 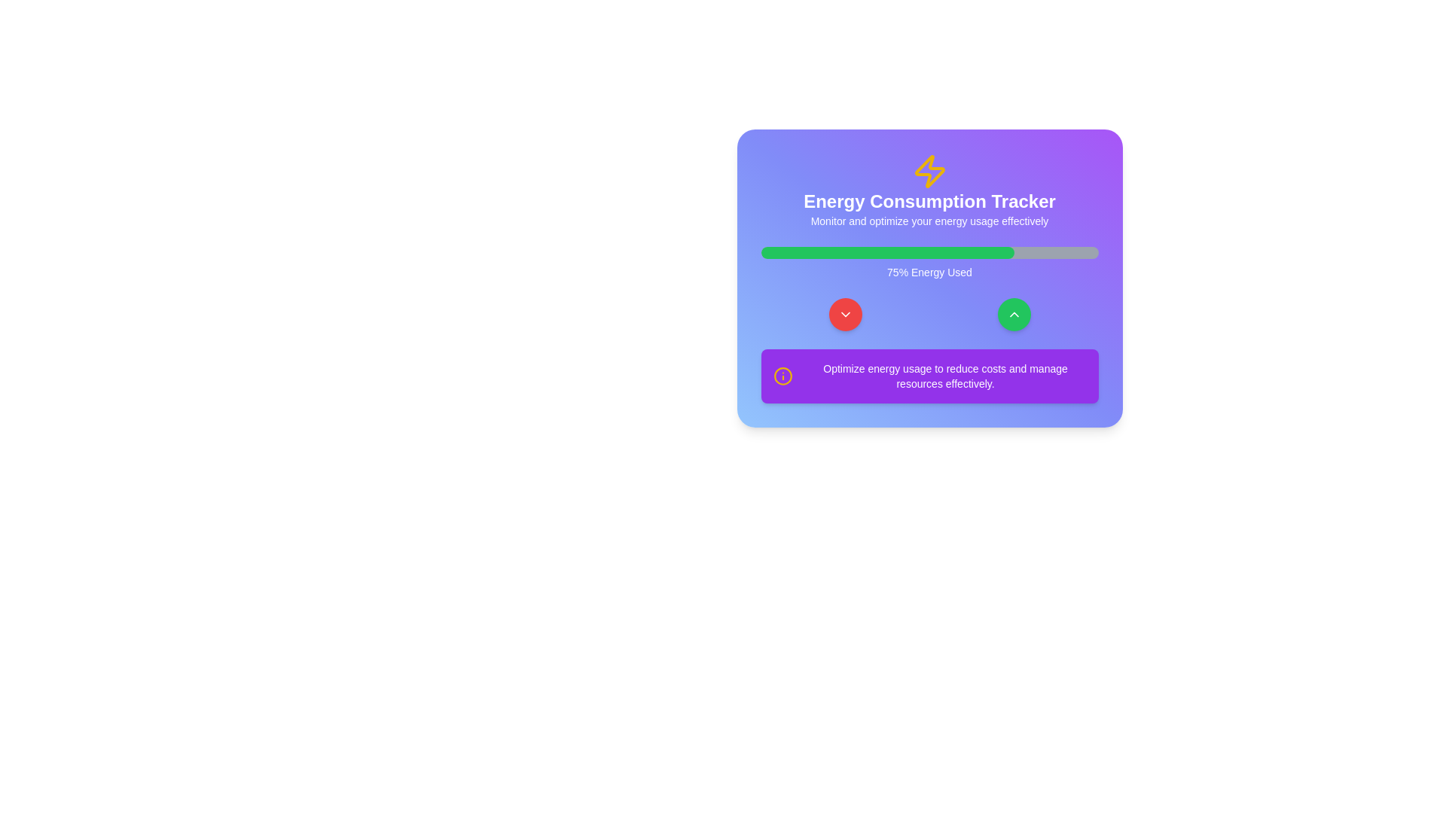 I want to click on the progress bar styled as a progress indicator, located below the title 'Energy Consumption Tracker' and above the text '75% Energy Used', so click(x=929, y=251).